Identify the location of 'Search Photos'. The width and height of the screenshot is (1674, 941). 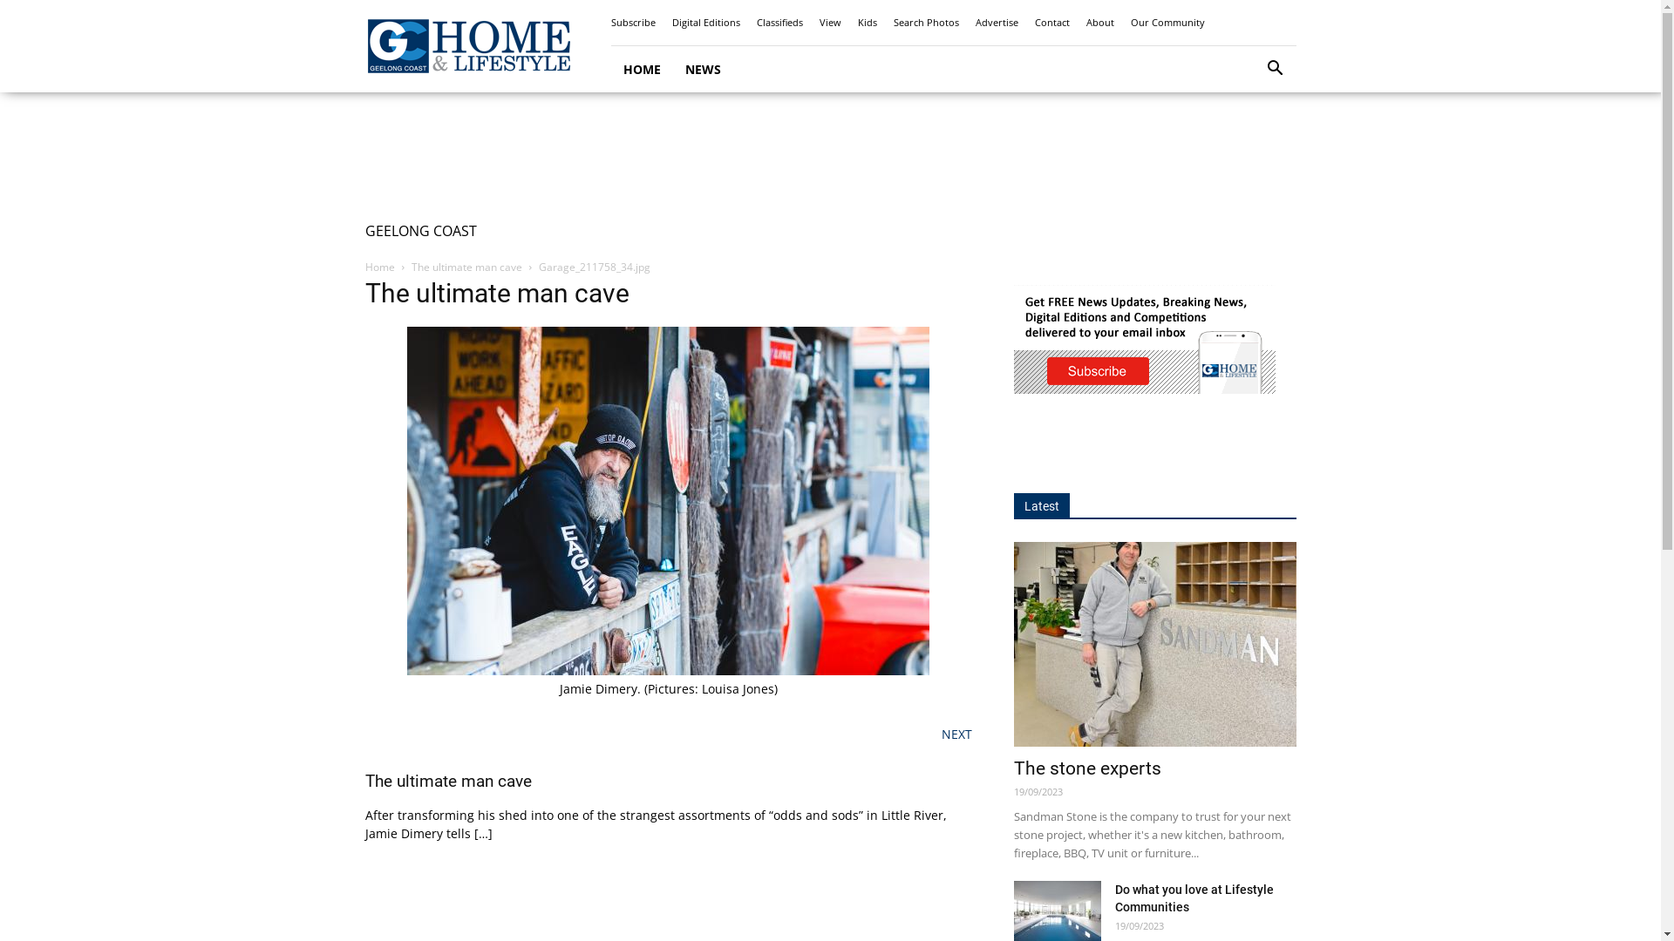
(892, 22).